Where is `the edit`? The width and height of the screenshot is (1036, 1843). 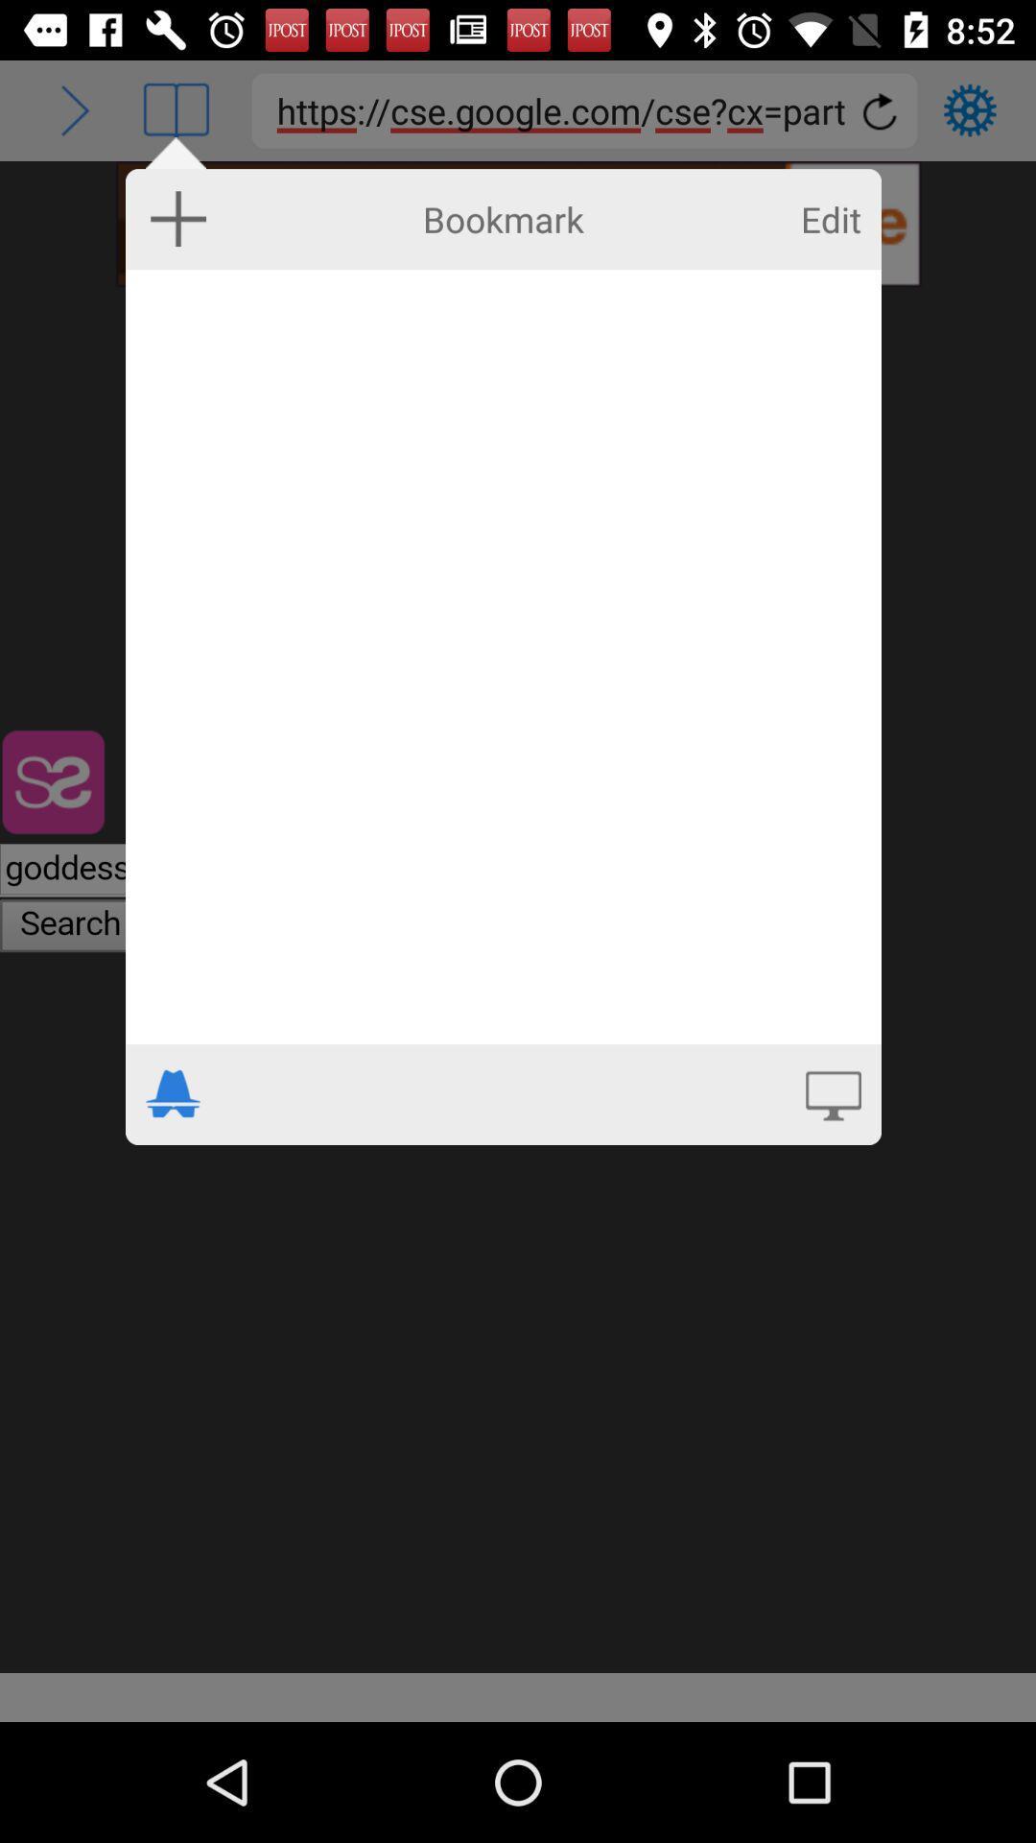
the edit is located at coordinates (830, 219).